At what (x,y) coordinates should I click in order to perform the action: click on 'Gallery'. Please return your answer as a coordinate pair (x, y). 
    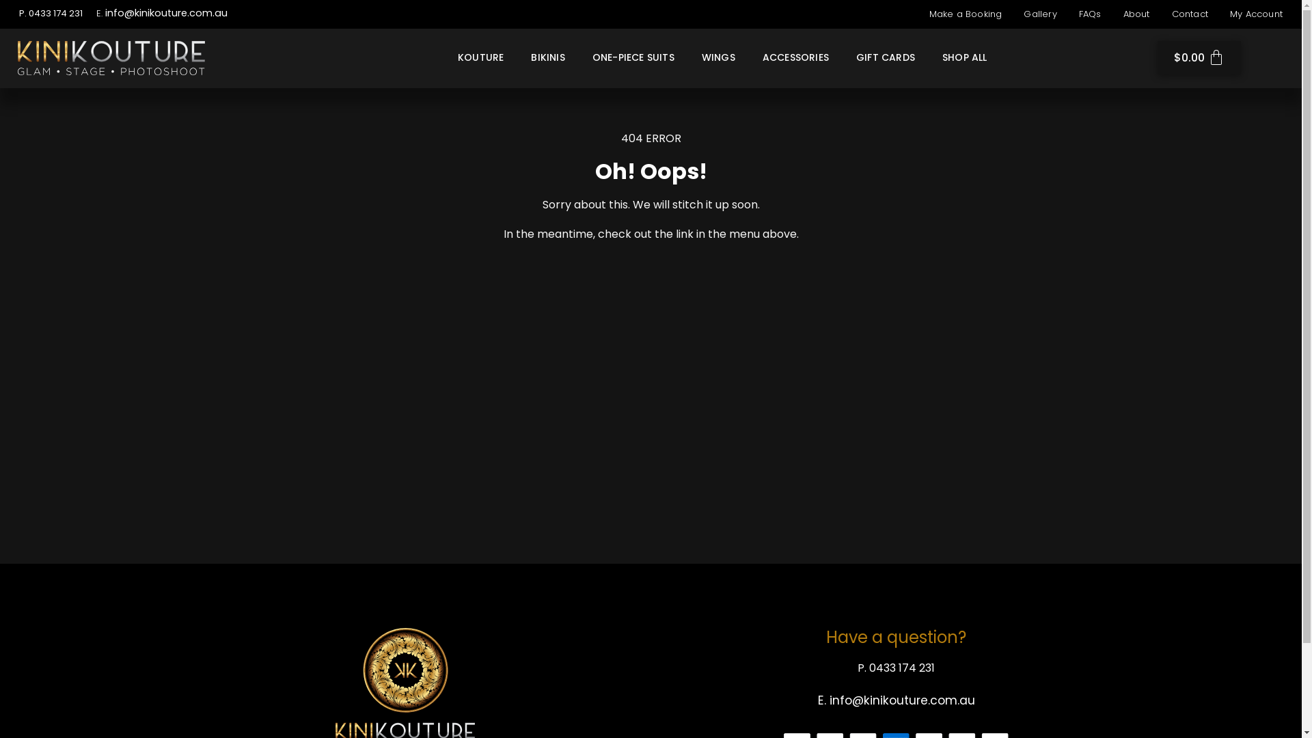
    Looking at the image, I should click on (1015, 14).